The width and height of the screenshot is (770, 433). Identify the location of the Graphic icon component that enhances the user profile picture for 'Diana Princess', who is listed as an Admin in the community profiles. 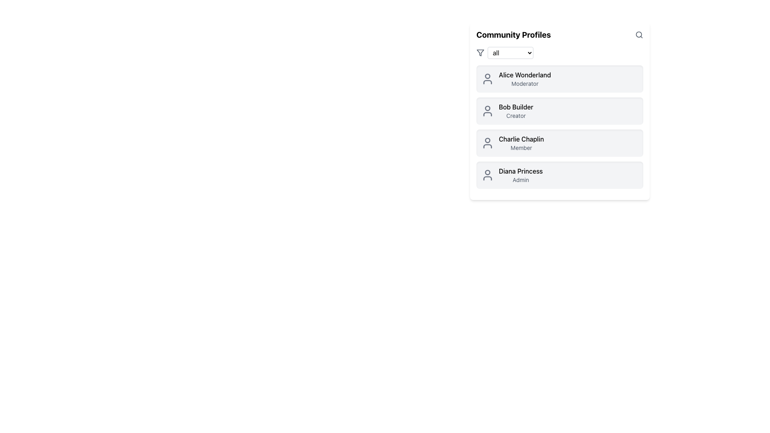
(487, 178).